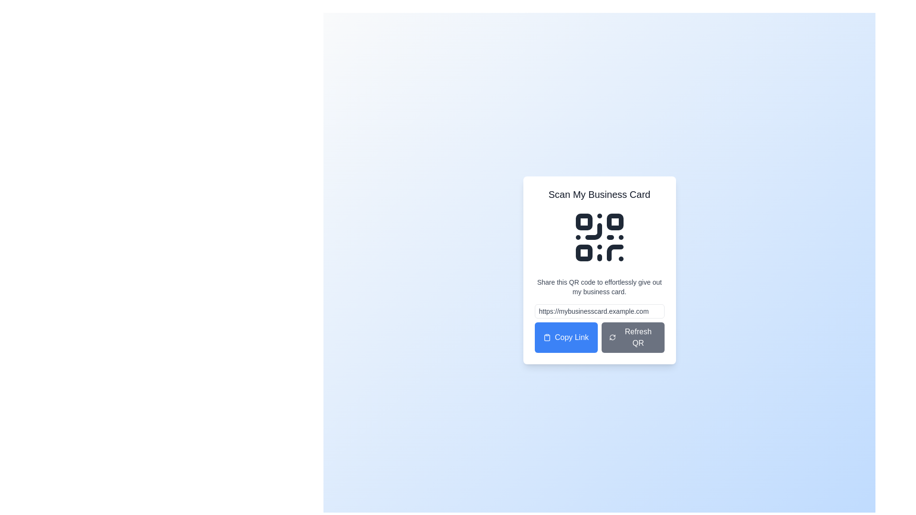 Image resolution: width=916 pixels, height=515 pixels. Describe the element at coordinates (566, 337) in the screenshot. I see `the 'Copy Link' button located to the left of the 'Refresh QR' button` at that location.